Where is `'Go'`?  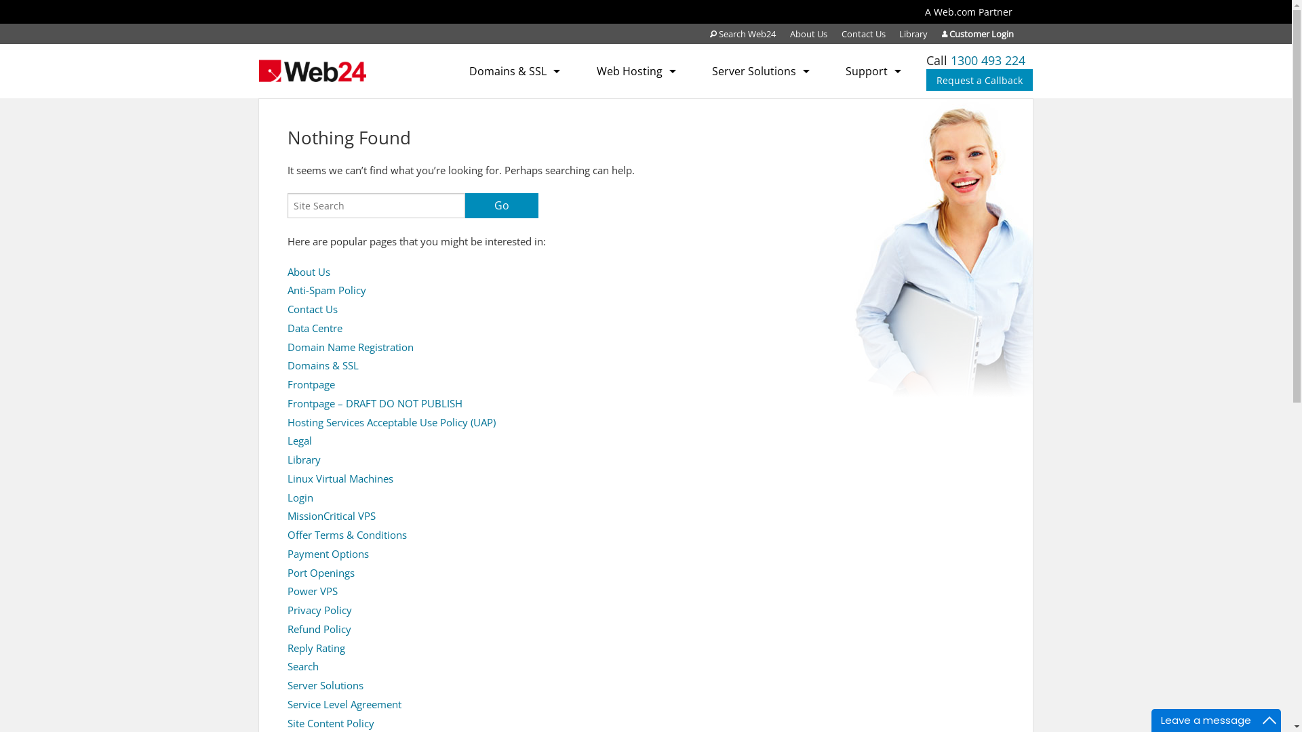 'Go' is located at coordinates (500, 205).